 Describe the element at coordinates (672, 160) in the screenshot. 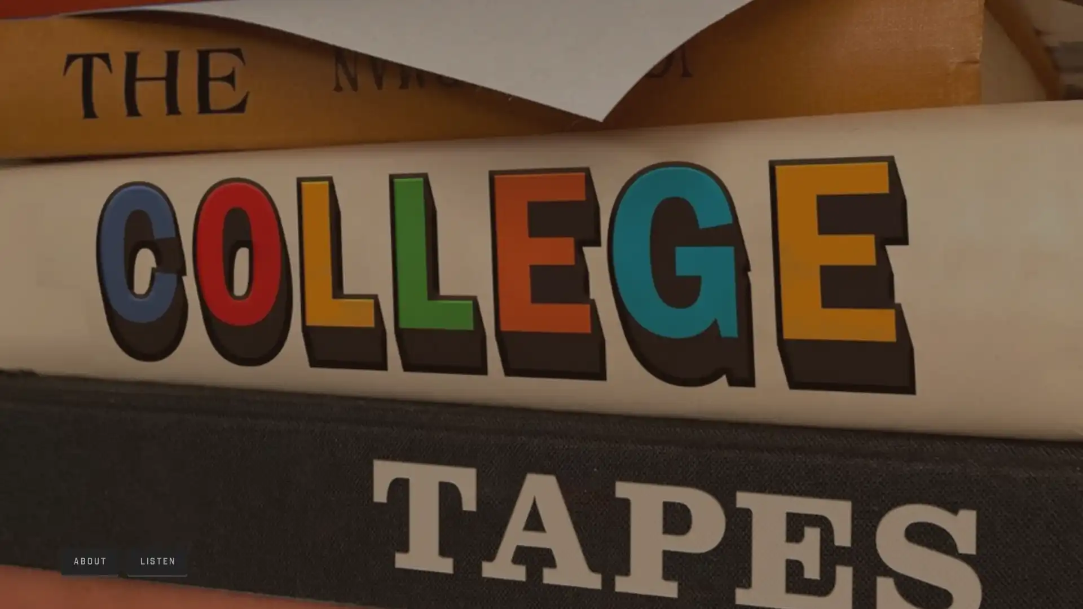

I see `Close` at that location.